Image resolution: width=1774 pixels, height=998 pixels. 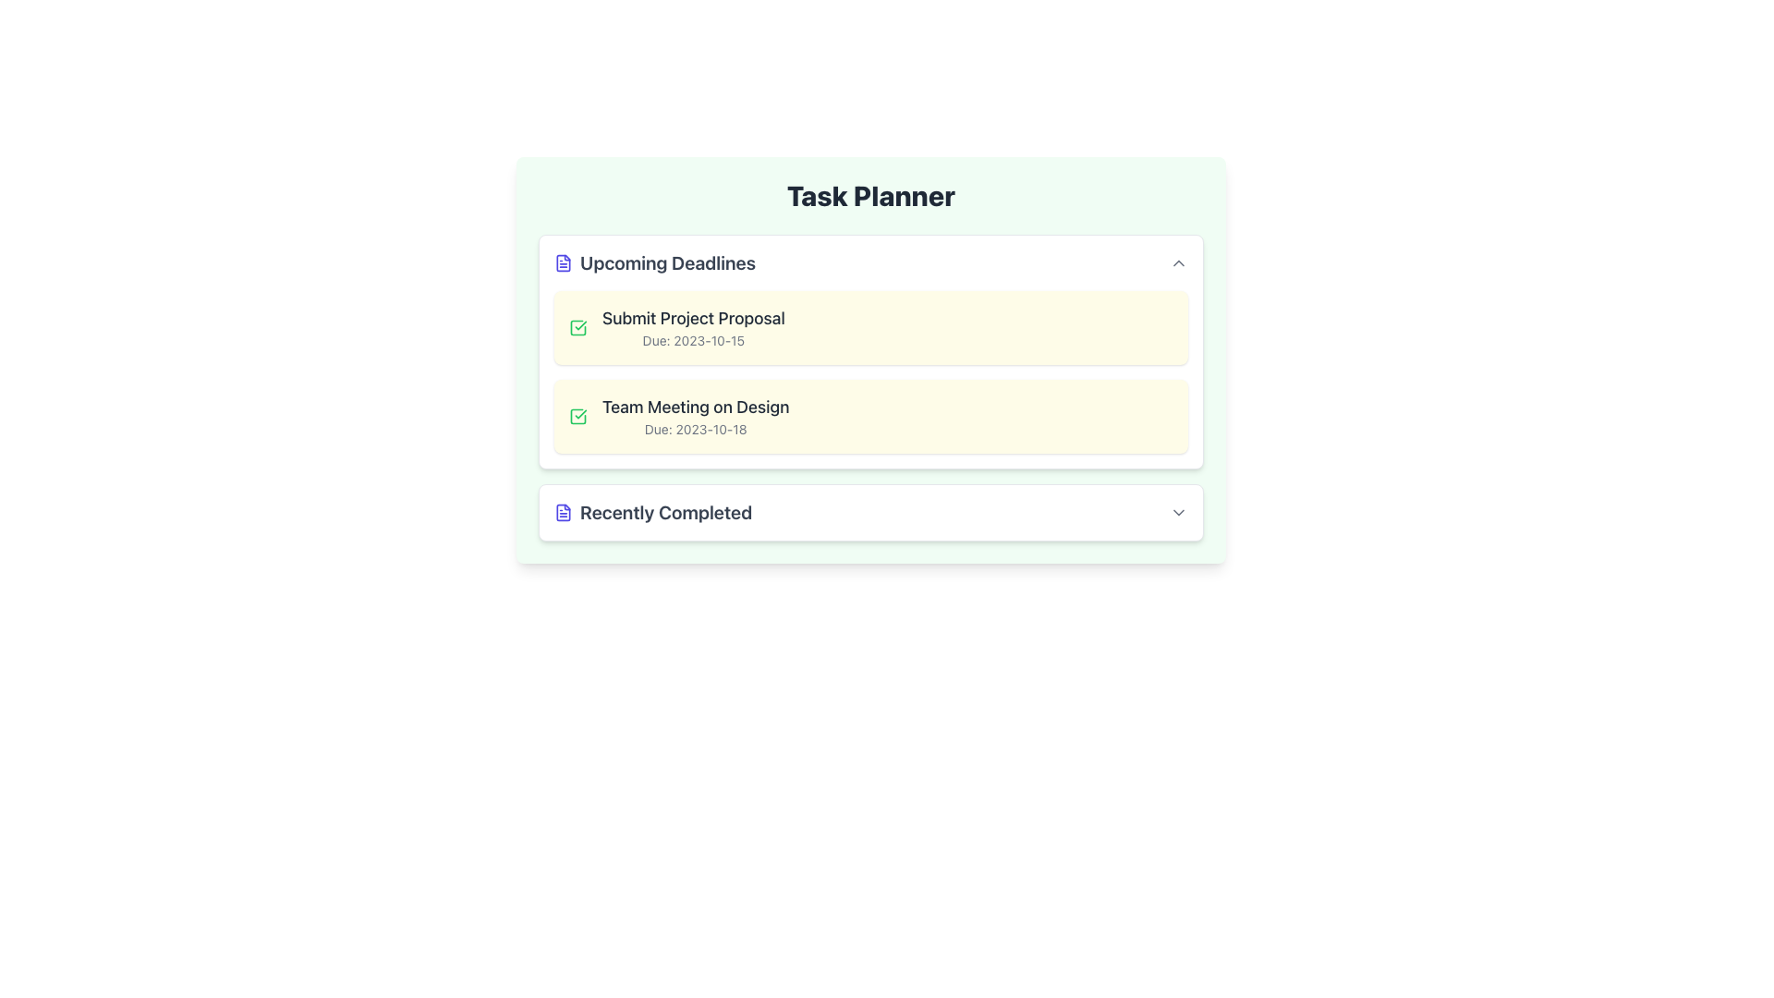 I want to click on label 'Upcoming Deadlines' which is a bold, gray text label located in the upper section of the main card titled 'Task Planner', so click(x=655, y=263).